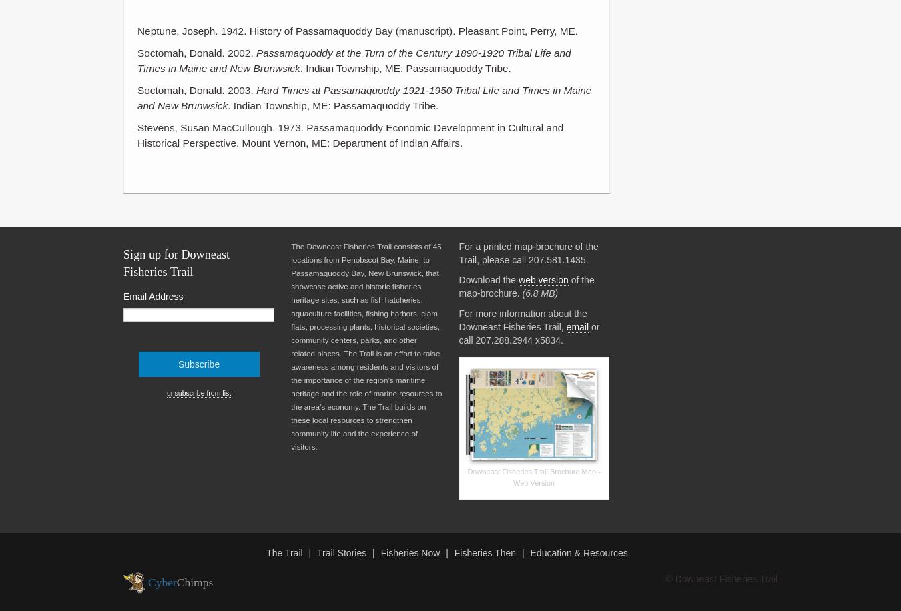  I want to click on 'web version', so click(518, 279).